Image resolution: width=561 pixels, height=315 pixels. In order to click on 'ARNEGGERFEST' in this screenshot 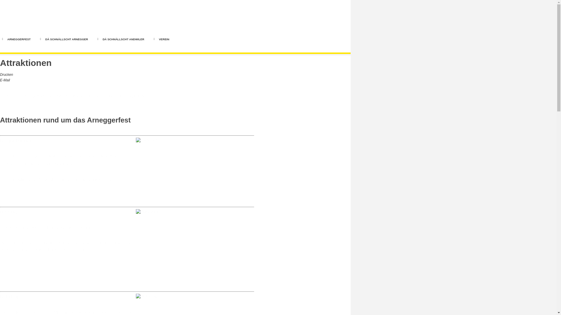, I will do `click(19, 39)`.